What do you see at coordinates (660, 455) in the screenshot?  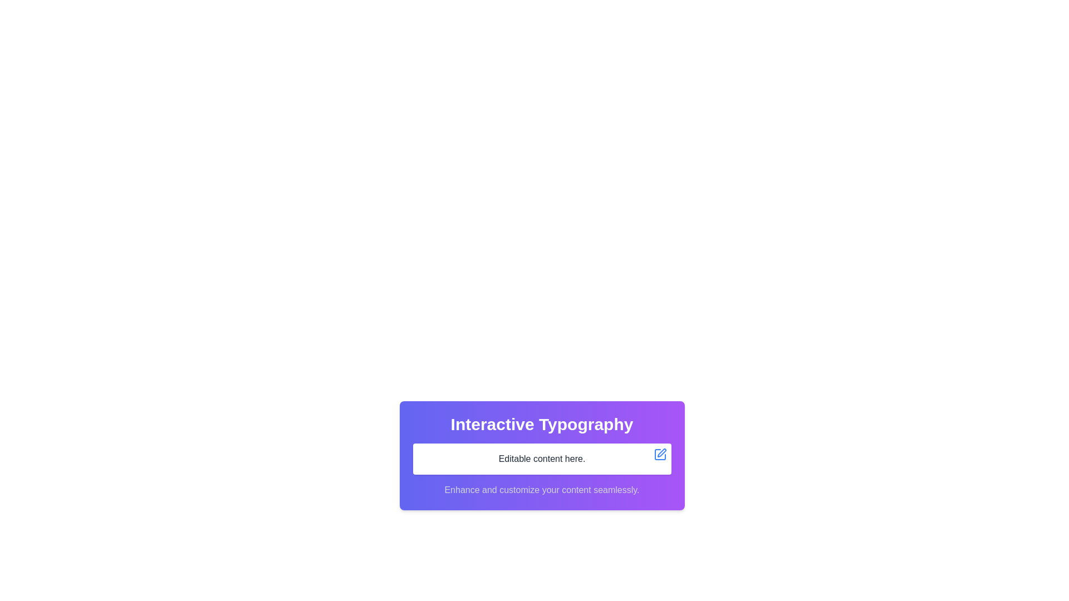 I see `the pen-in-square icon located at the far-right of the input field labeled 'Editable content here' to enable editing functionality` at bounding box center [660, 455].